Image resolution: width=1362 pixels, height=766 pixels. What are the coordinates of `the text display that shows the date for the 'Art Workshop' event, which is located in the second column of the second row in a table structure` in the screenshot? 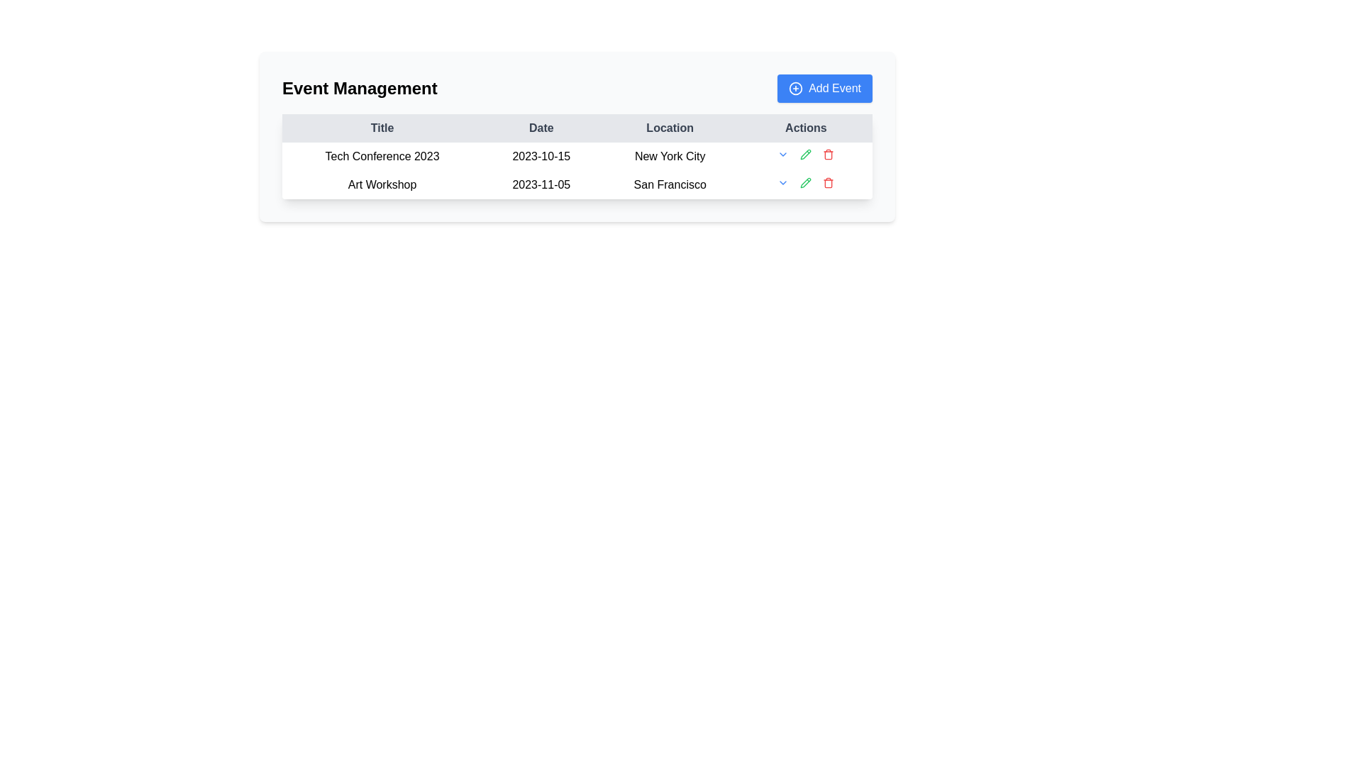 It's located at (541, 184).